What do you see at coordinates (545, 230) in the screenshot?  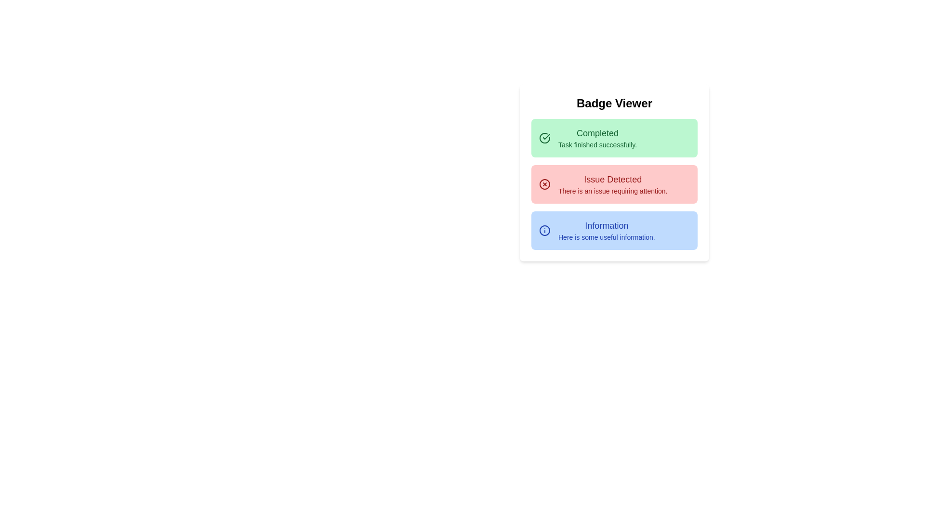 I see `the SVG Circle Icon located` at bounding box center [545, 230].